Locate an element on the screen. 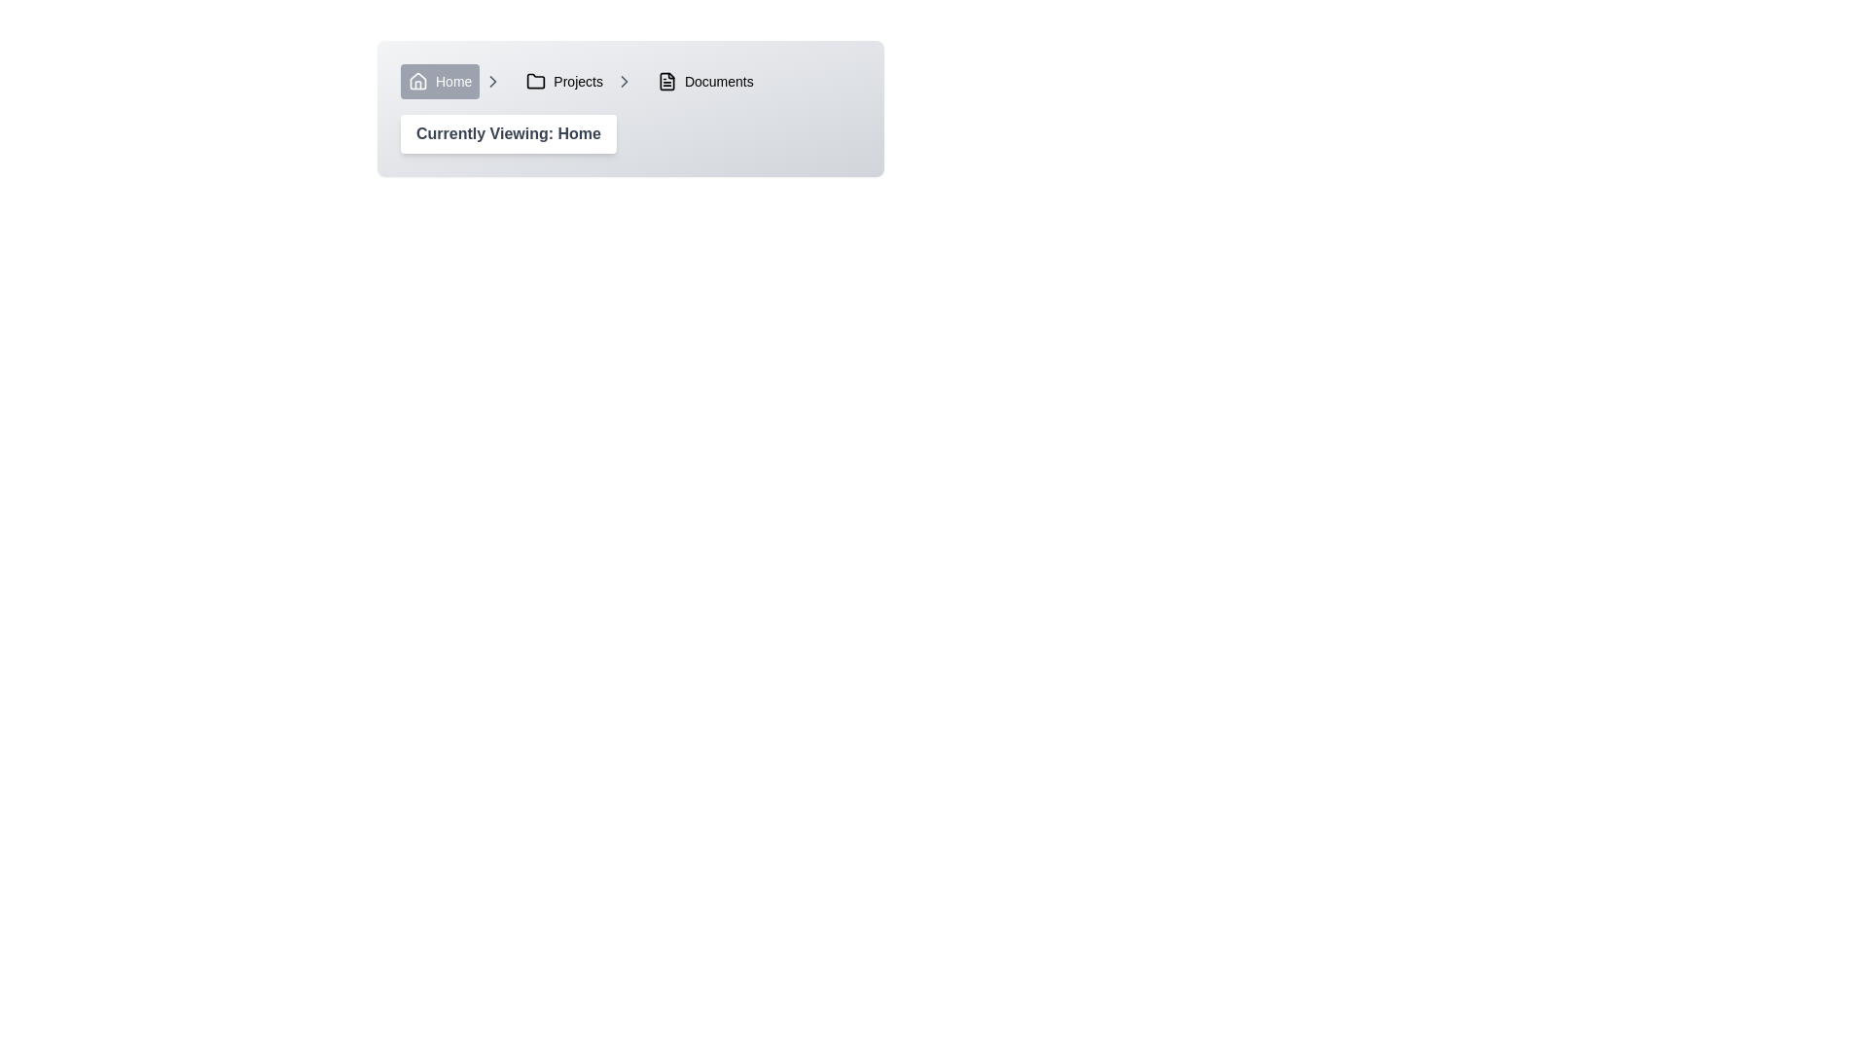 The width and height of the screenshot is (1868, 1051). the Chevron icon in the navigation breadcrumb that connects 'Projects' and 'Documents' is located at coordinates (624, 81).